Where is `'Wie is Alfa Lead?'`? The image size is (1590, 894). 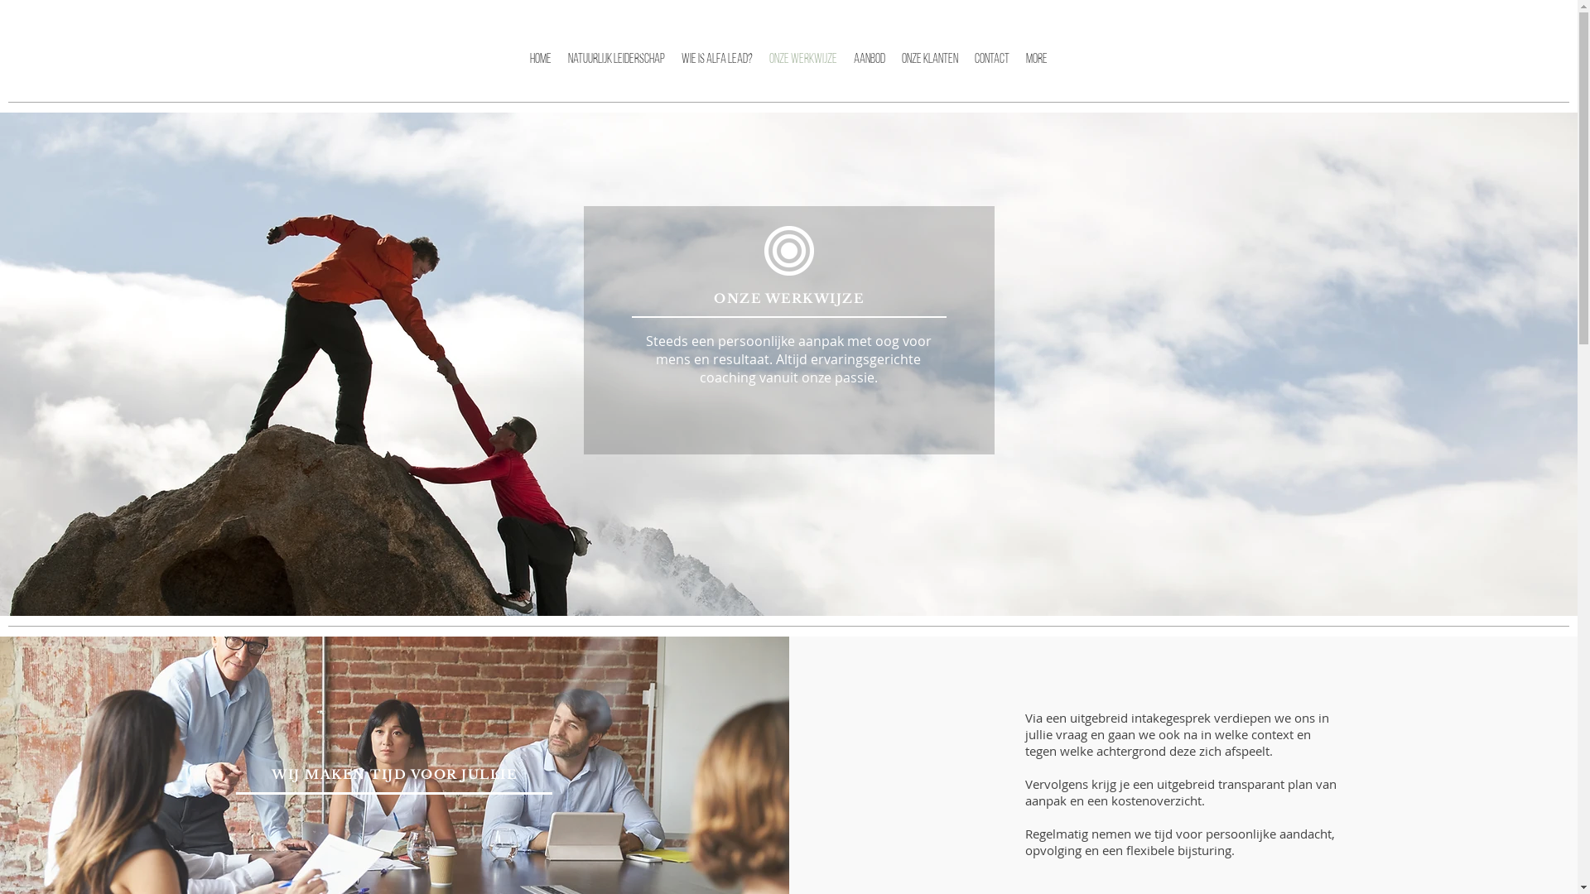
'Wie is Alfa Lead?' is located at coordinates (716, 70).